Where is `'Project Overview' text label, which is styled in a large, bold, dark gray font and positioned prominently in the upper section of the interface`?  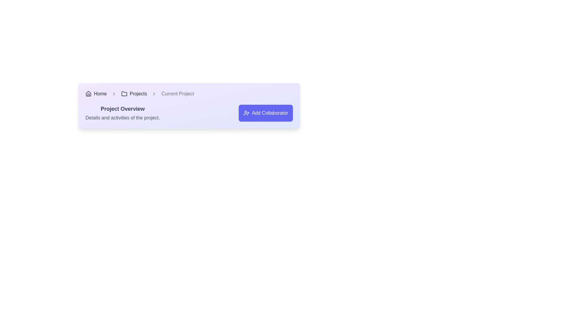 'Project Overview' text label, which is styled in a large, bold, dark gray font and positioned prominently in the upper section of the interface is located at coordinates (122, 109).